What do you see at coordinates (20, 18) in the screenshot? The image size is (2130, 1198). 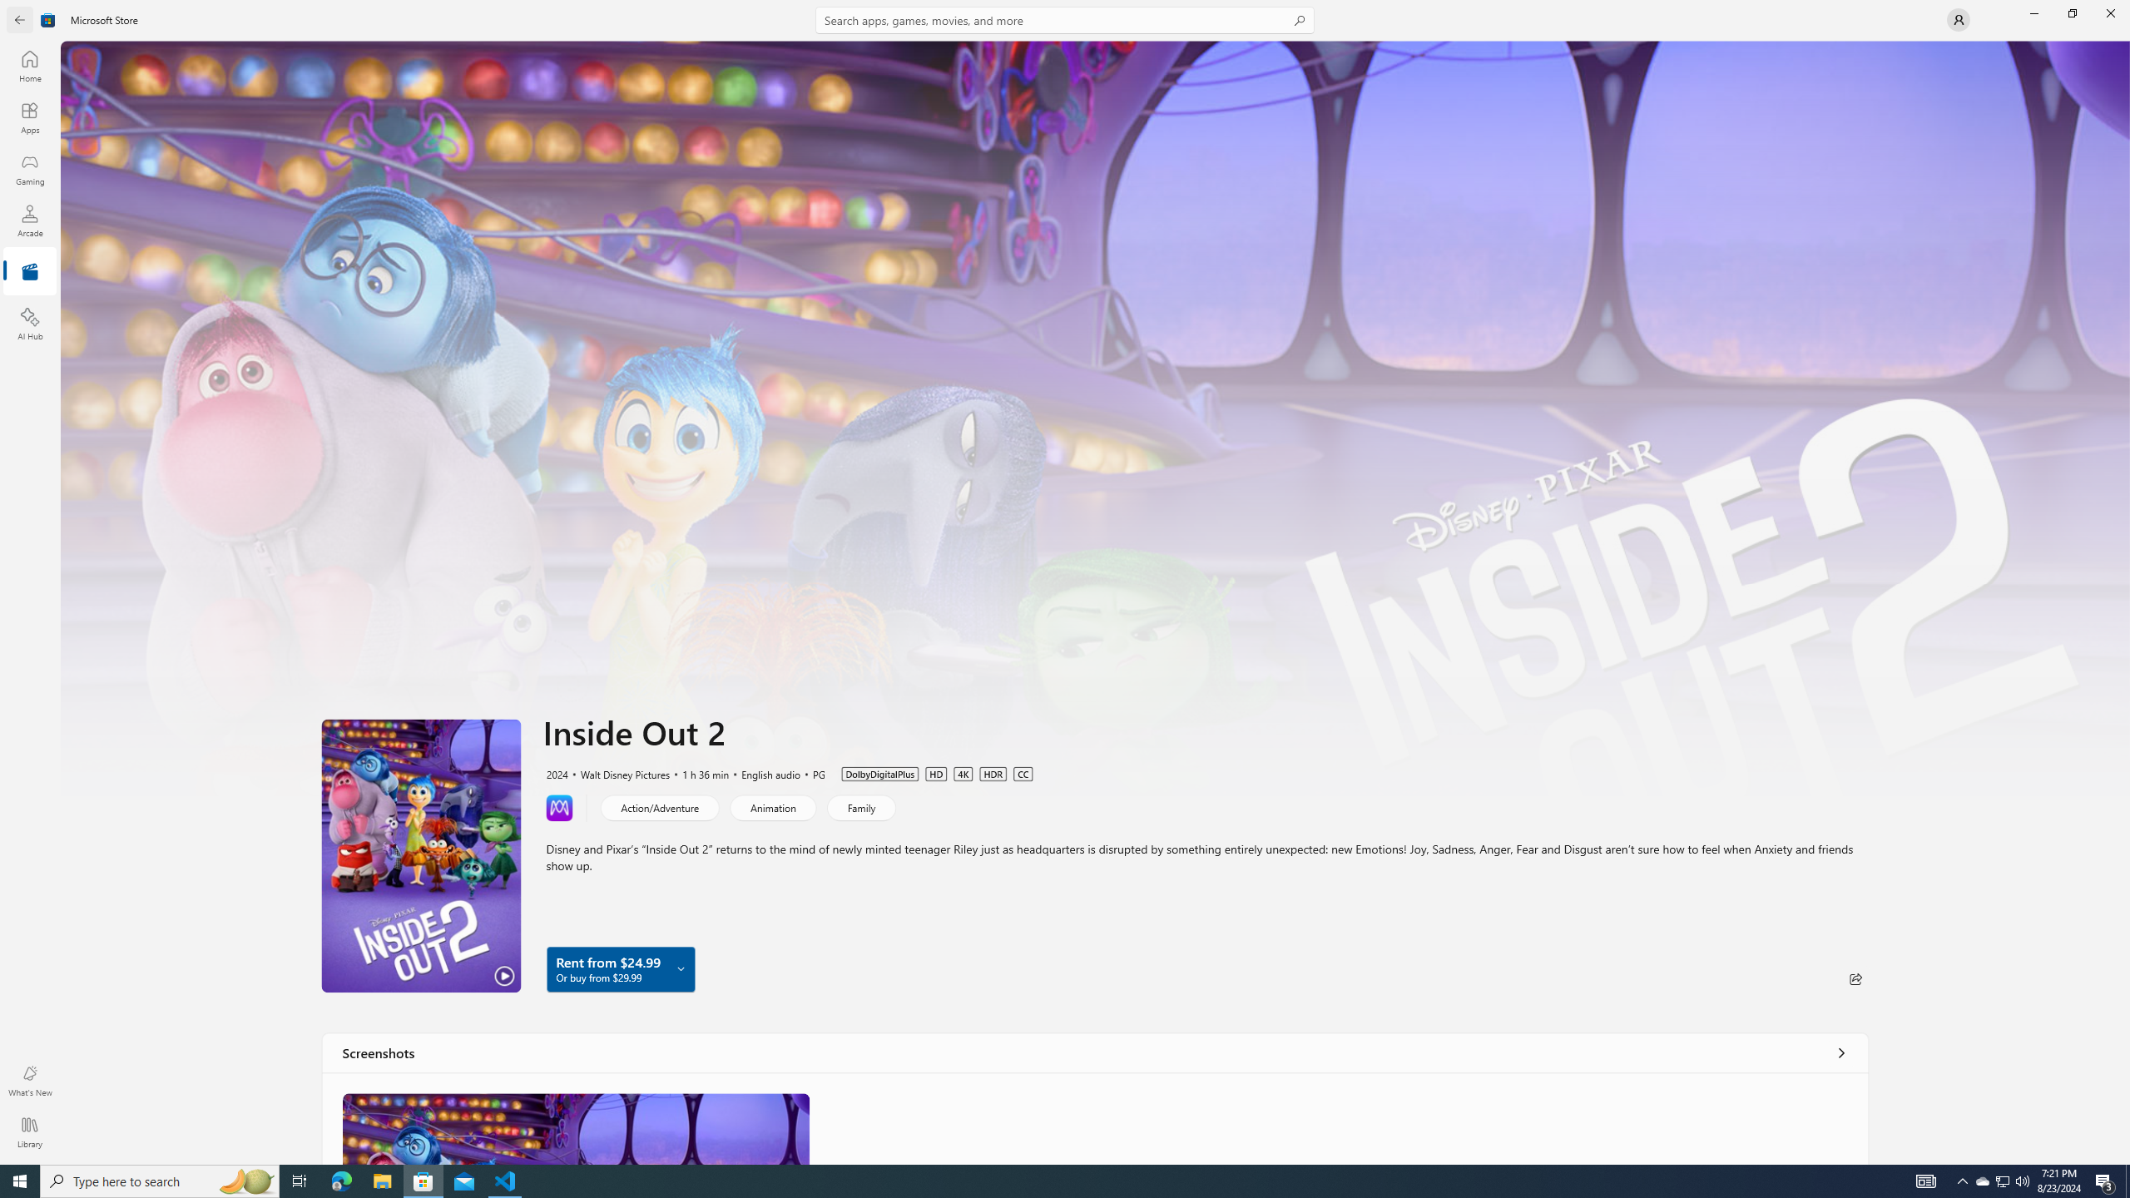 I see `'Back'` at bounding box center [20, 18].